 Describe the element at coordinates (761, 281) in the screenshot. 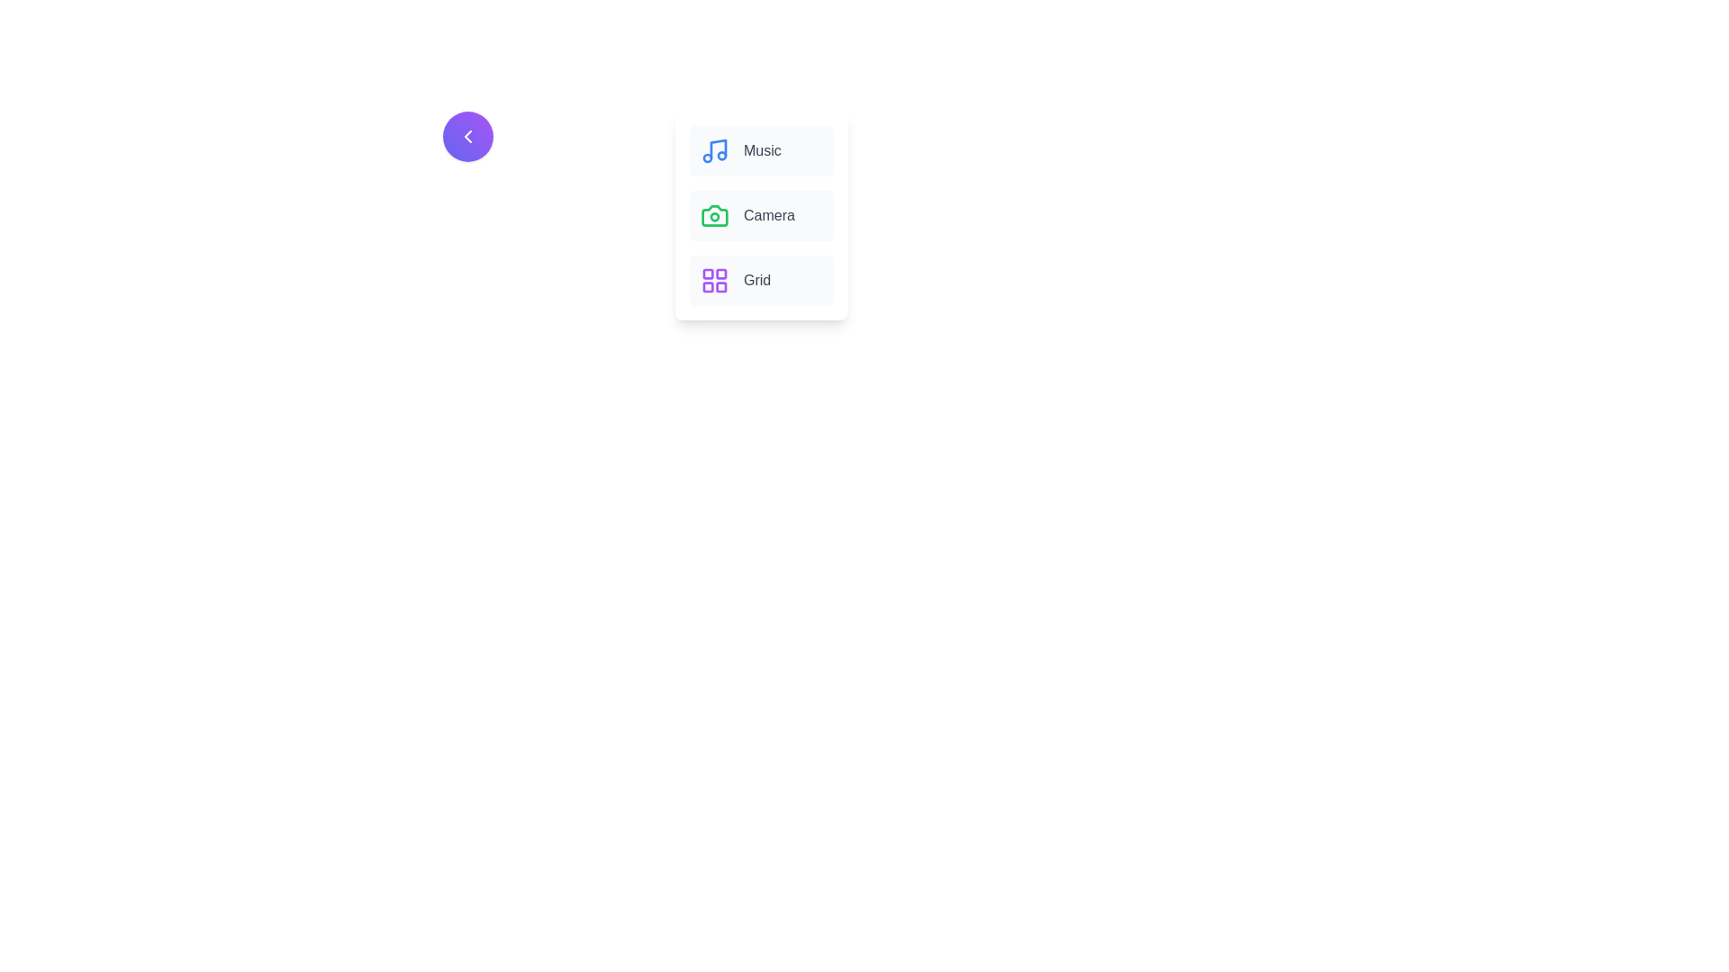

I see `the menu item labeled Grid by clicking on it` at that location.